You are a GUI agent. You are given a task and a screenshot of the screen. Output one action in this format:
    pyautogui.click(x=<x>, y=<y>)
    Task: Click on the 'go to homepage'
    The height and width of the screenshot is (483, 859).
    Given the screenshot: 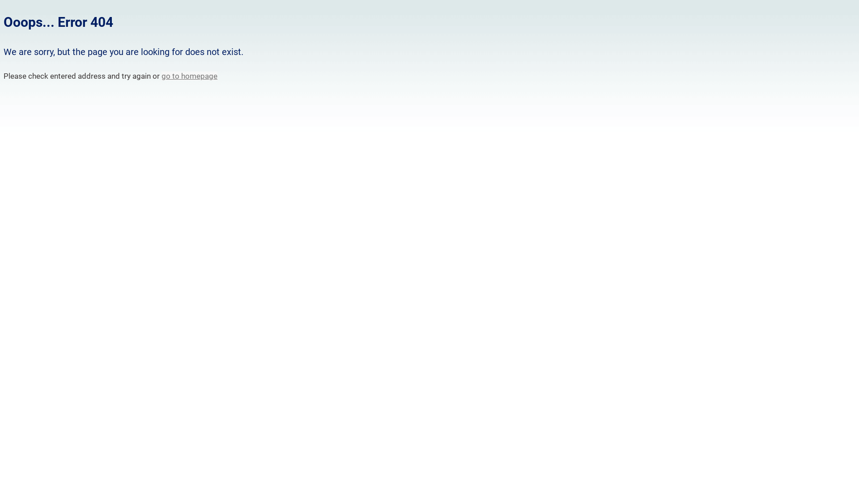 What is the action you would take?
    pyautogui.click(x=189, y=75)
    